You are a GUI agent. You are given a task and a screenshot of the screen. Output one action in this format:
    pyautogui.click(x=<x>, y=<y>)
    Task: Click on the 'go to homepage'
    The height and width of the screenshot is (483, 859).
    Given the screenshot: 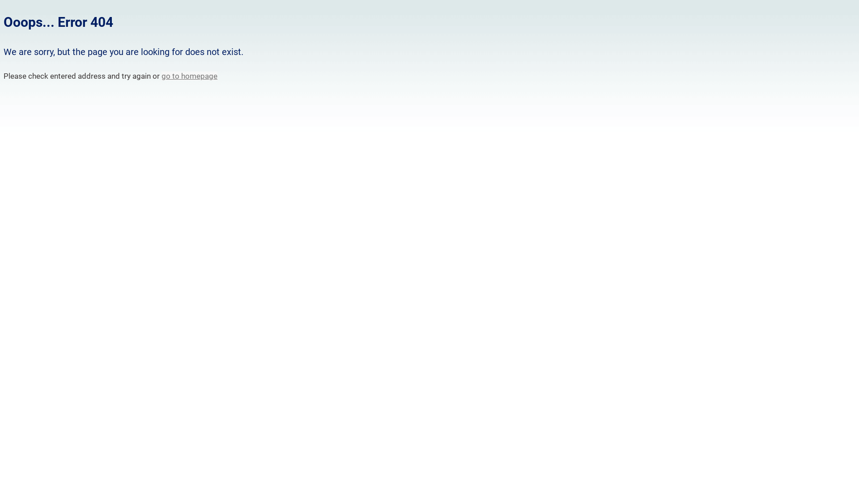 What is the action you would take?
    pyautogui.click(x=189, y=75)
    